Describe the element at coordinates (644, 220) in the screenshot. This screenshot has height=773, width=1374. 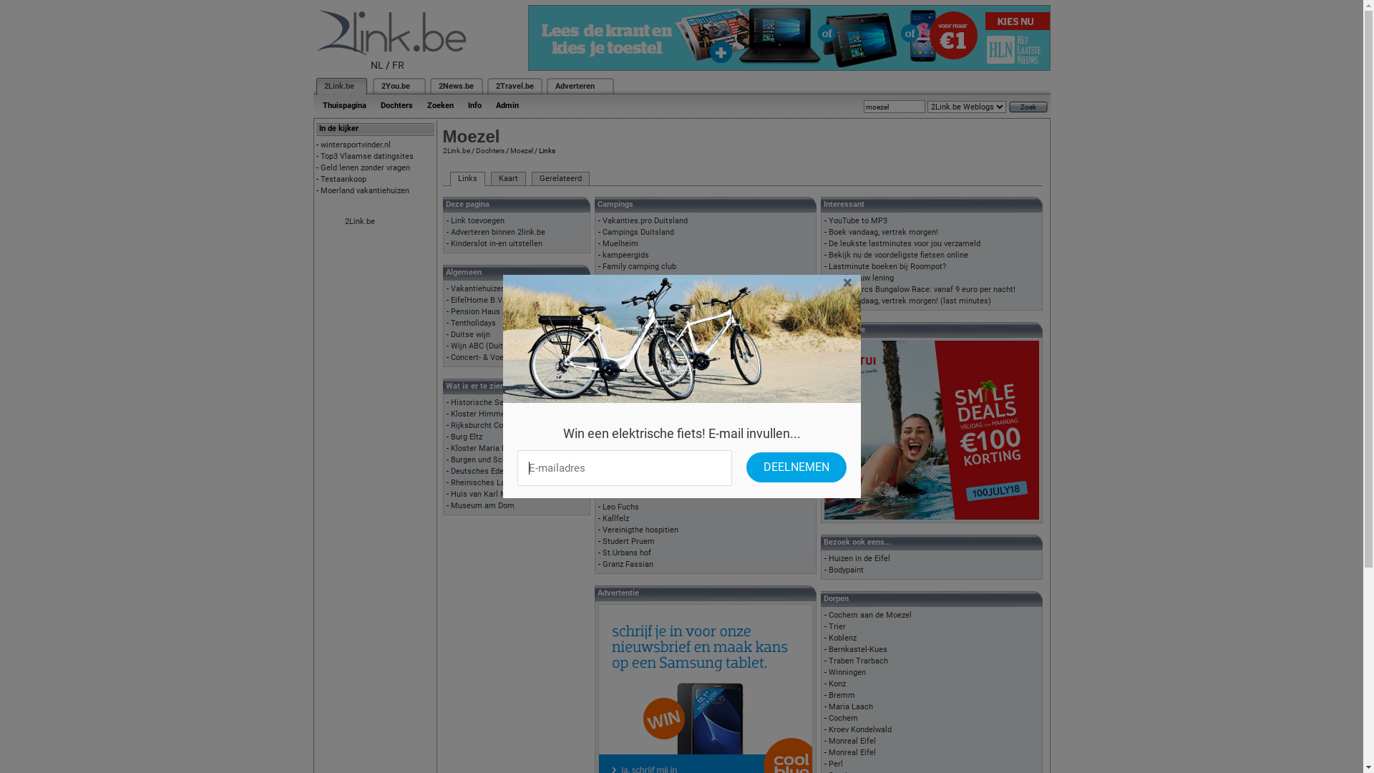
I see `'Vakanties.pro Duitsland'` at that location.